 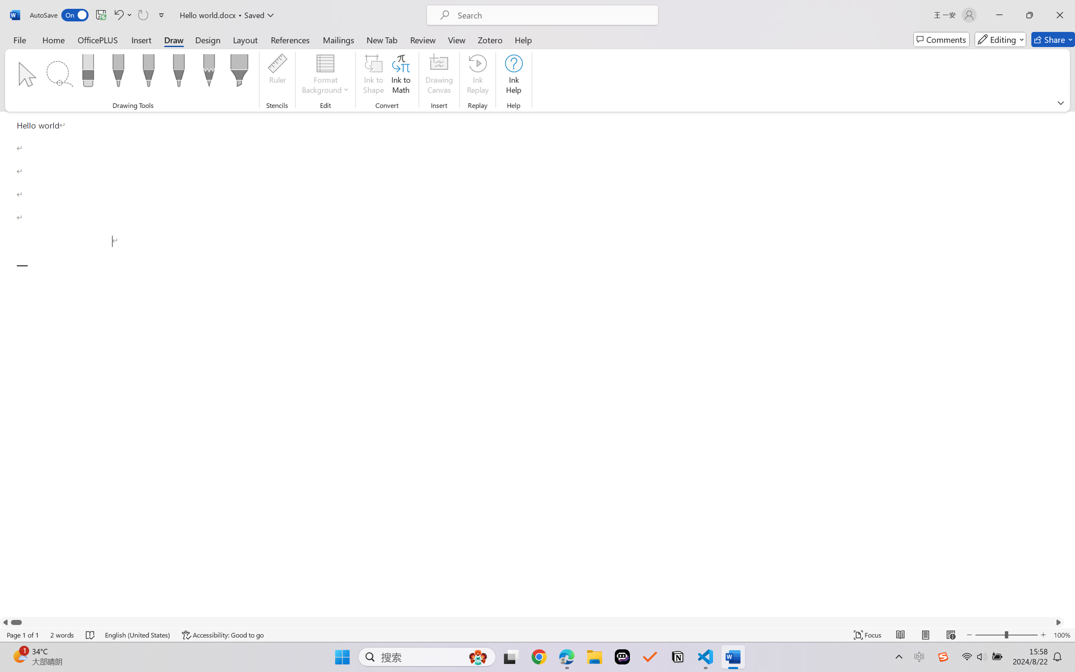 I want to click on 'AutomationID: BadgeAnchorLargeTicker', so click(x=19, y=656).